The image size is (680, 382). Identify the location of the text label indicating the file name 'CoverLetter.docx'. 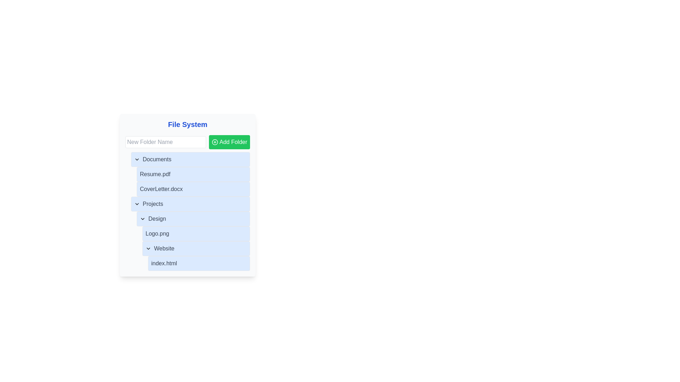
(161, 189).